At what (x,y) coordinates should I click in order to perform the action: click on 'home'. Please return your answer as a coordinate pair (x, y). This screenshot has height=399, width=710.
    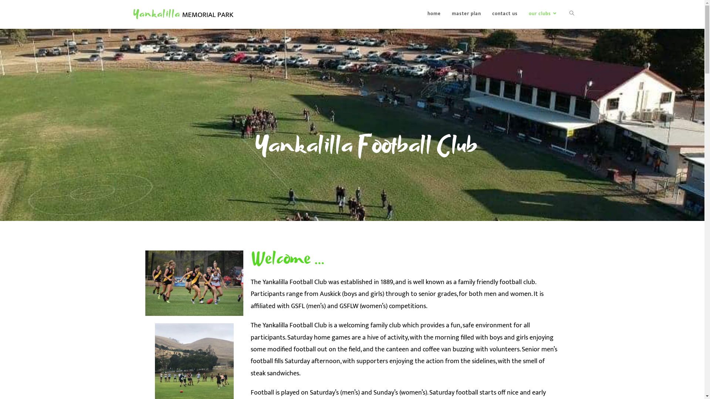
    Looking at the image, I should click on (433, 14).